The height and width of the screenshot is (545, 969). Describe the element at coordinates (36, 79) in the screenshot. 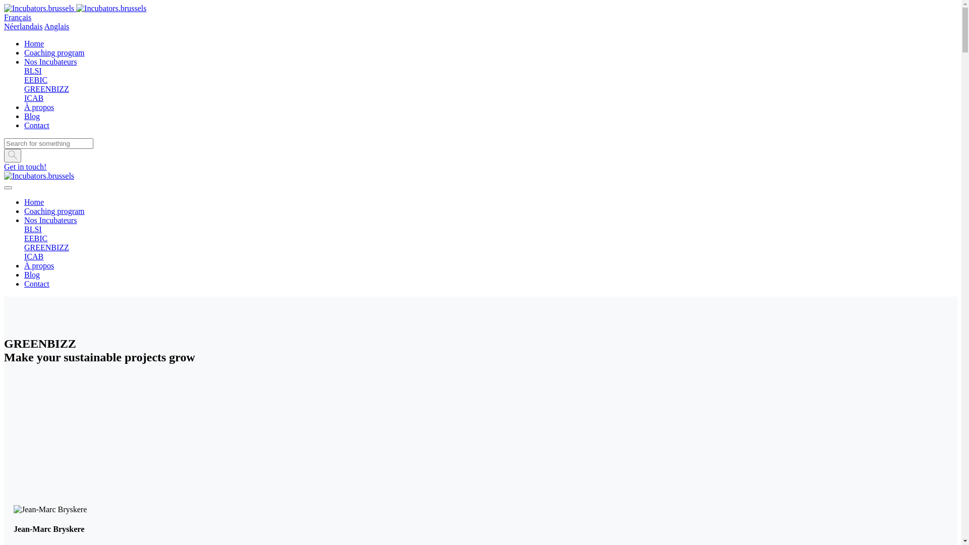

I see `'EEBIC'` at that location.